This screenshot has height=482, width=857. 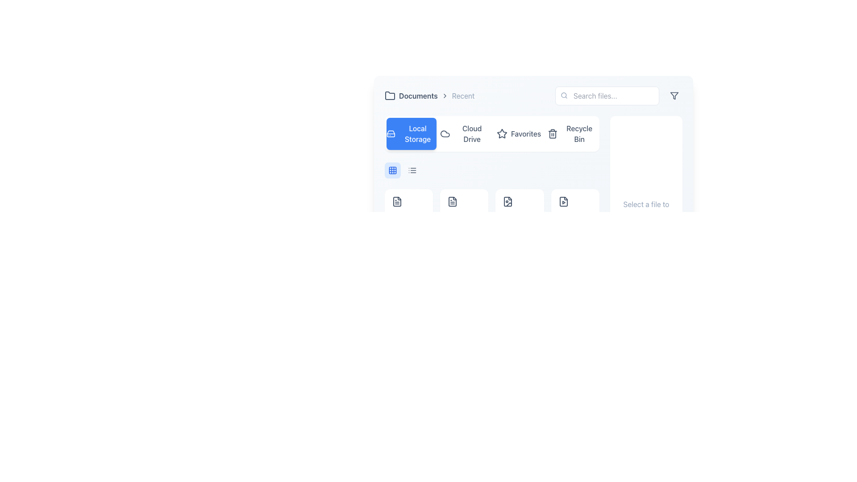 What do you see at coordinates (563, 95) in the screenshot?
I see `the decorative circle part of the search icon located at the top-right of the user interface` at bounding box center [563, 95].